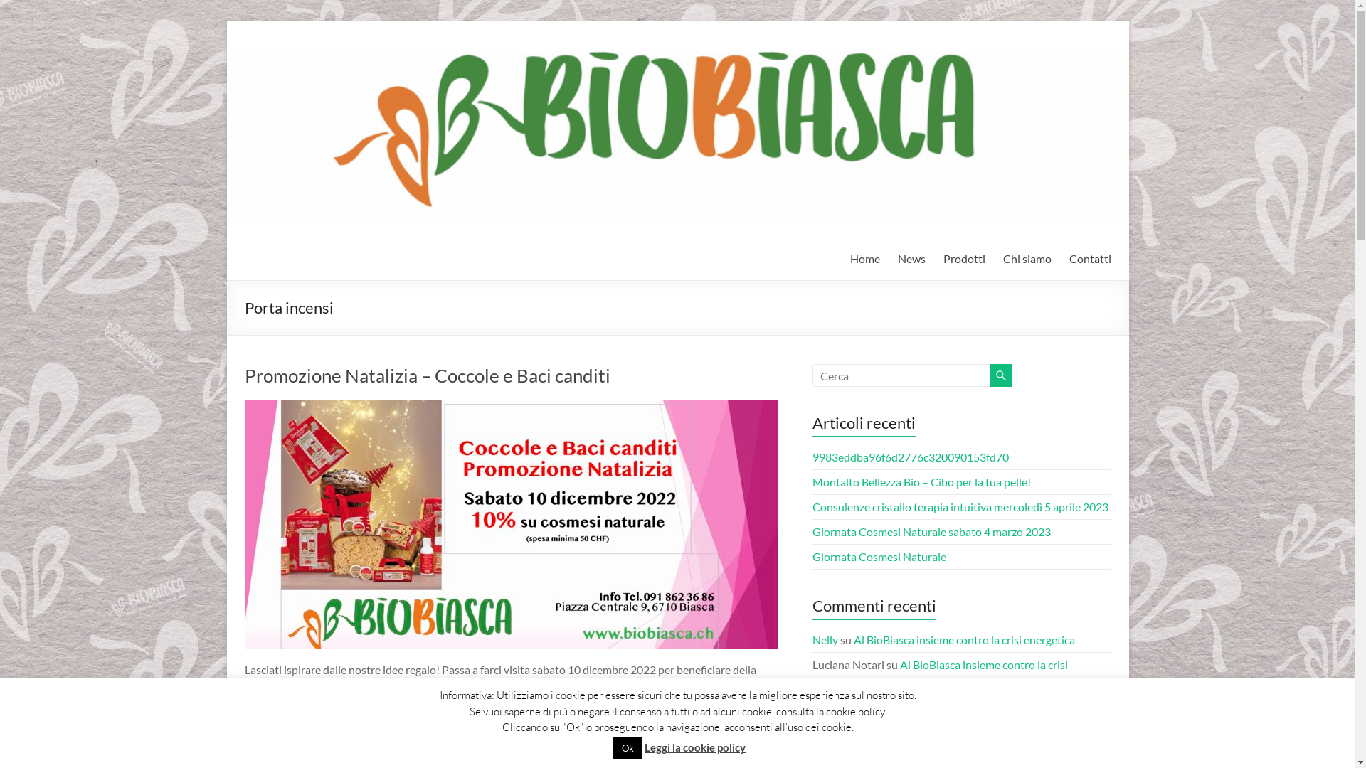  What do you see at coordinates (911, 258) in the screenshot?
I see `'News'` at bounding box center [911, 258].